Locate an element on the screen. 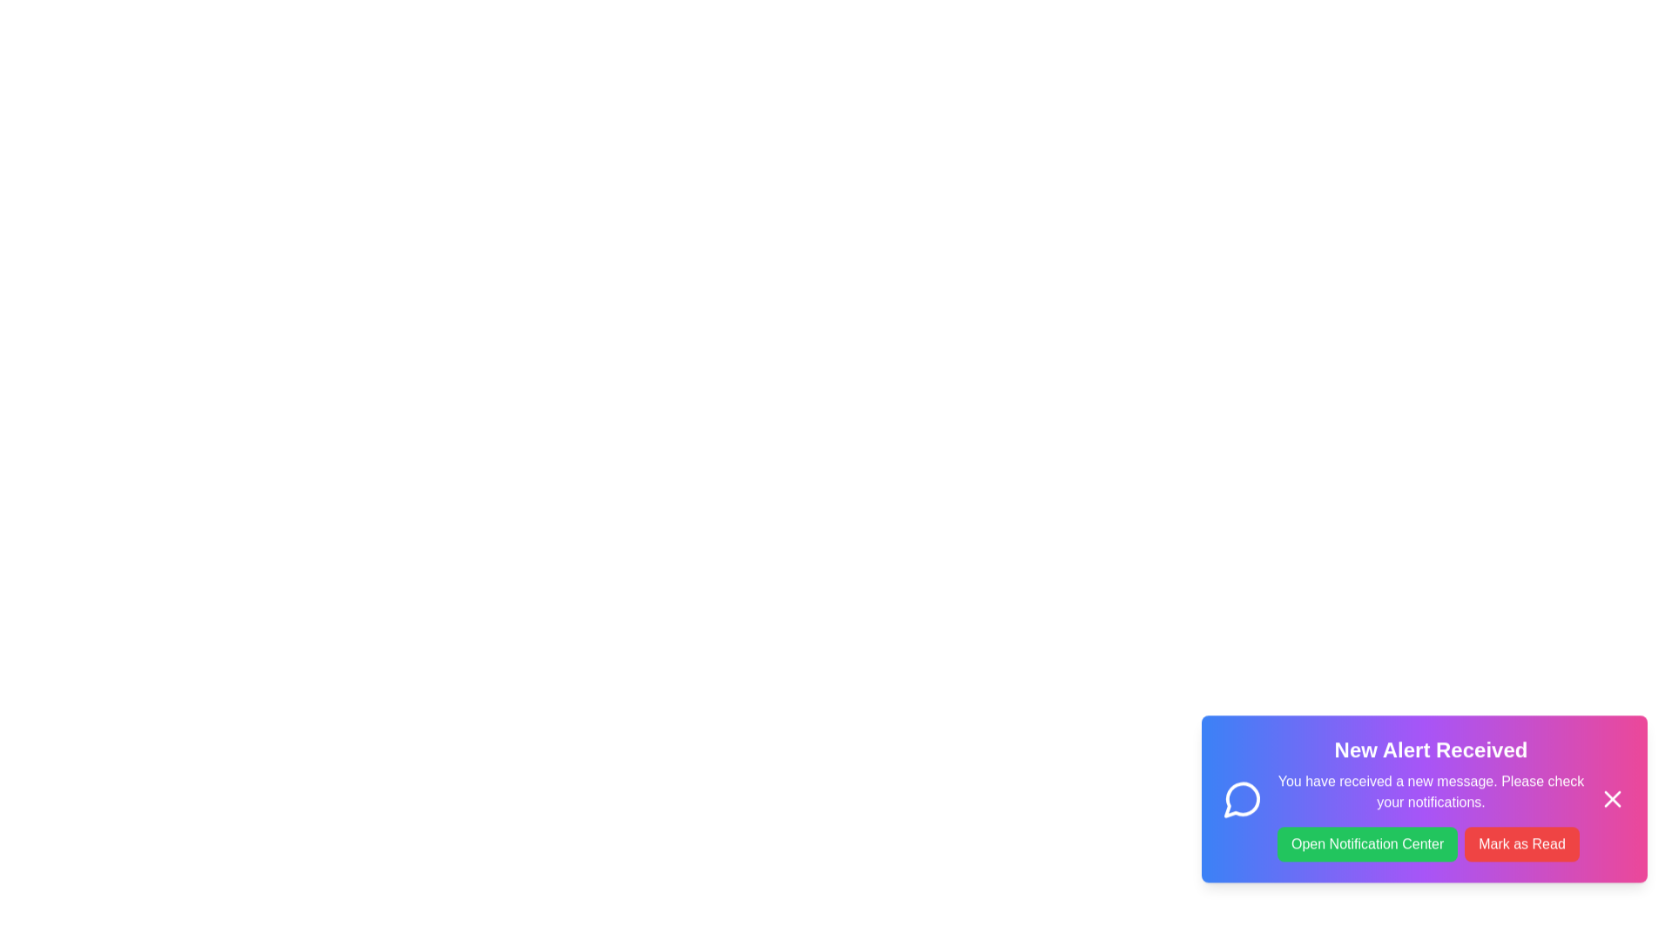 This screenshot has height=940, width=1672. the close button to dismiss the snackbar is located at coordinates (1612, 816).